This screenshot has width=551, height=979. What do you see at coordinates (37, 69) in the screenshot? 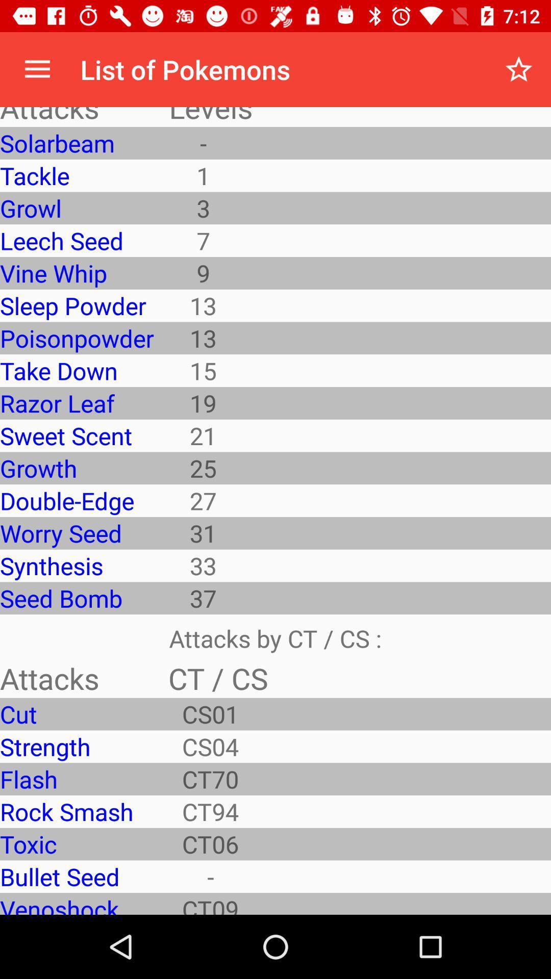
I see `the icon to the left of list of pokemons item` at bounding box center [37, 69].